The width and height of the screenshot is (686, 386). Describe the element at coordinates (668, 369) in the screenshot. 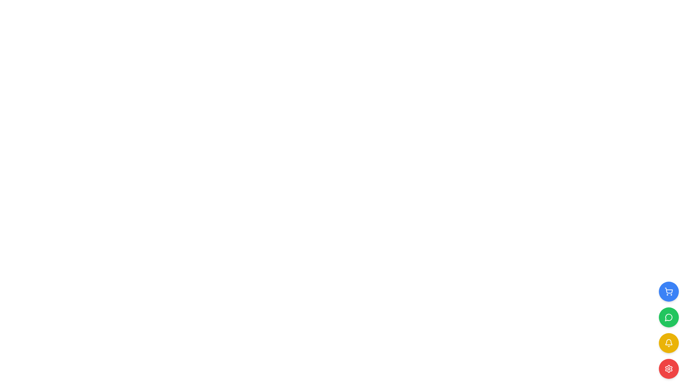

I see `the gear-shaped icon located inside the red button at the bottom of the vertical stack of buttons on the right side of the interface` at that location.